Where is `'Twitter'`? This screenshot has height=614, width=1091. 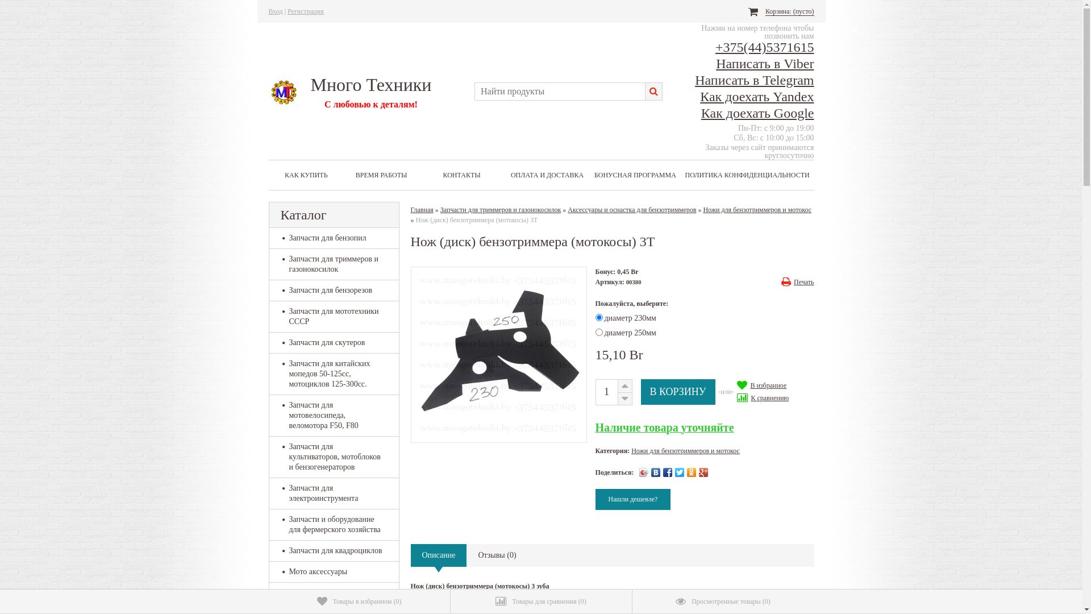
'Twitter' is located at coordinates (680, 472).